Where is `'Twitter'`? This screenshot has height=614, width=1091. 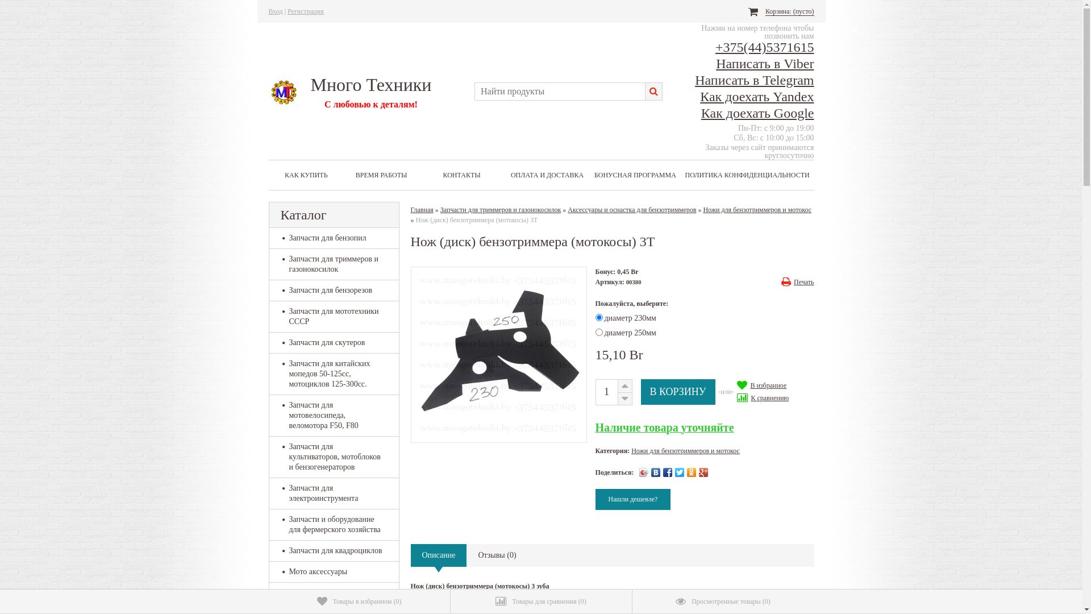
'Twitter' is located at coordinates (680, 472).